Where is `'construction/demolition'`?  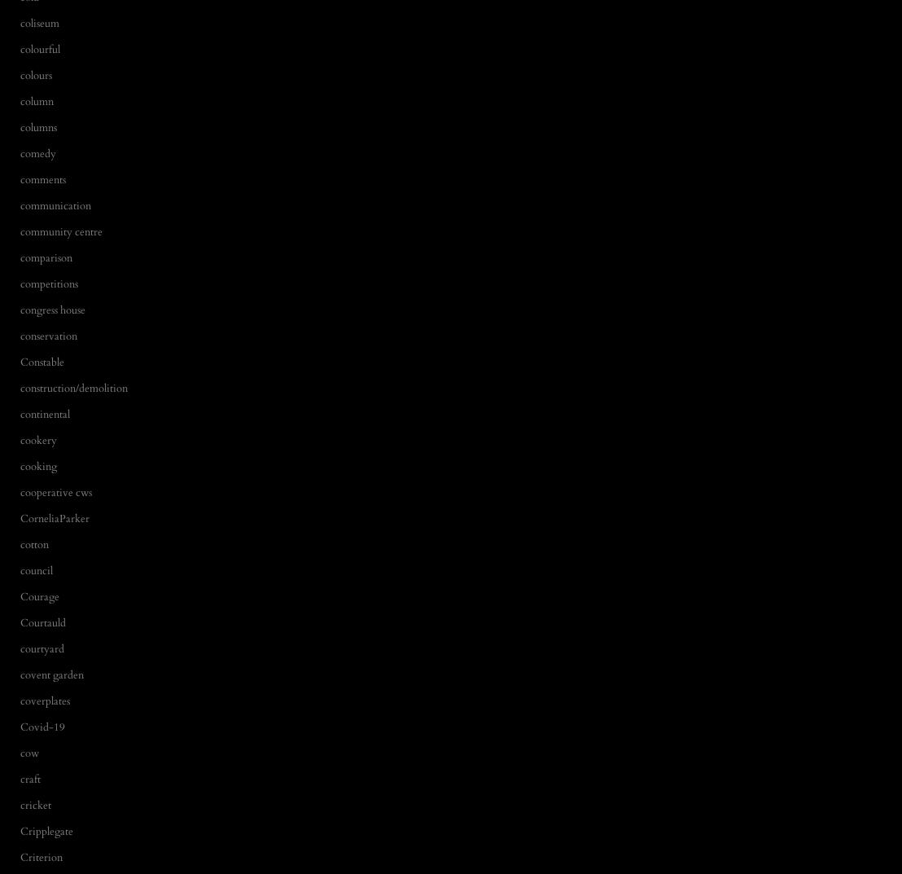 'construction/demolition' is located at coordinates (72, 387).